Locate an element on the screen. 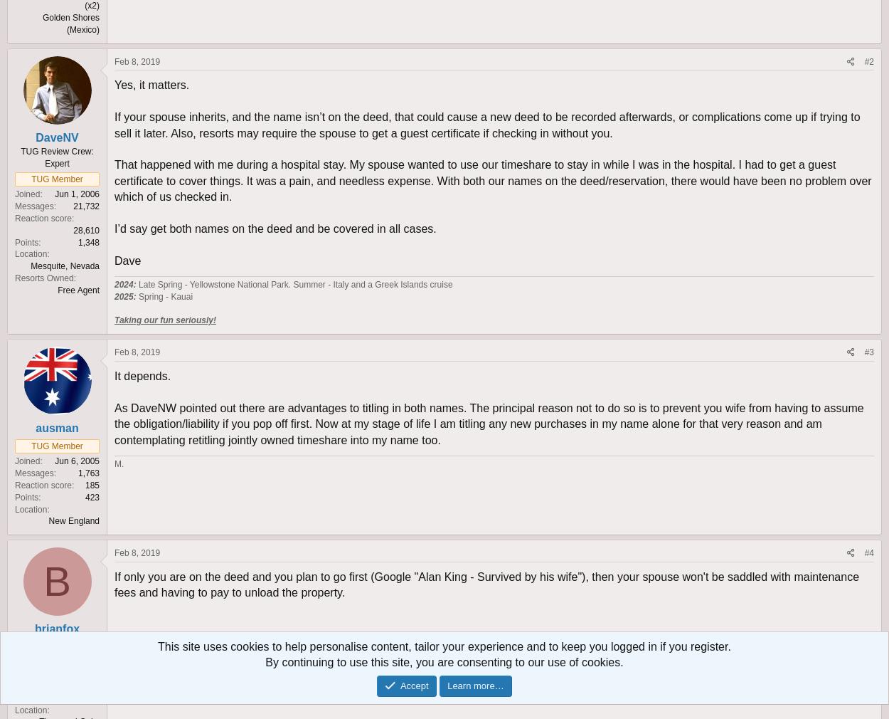 This screenshot has width=889, height=719. 'ausman' is located at coordinates (56, 427).